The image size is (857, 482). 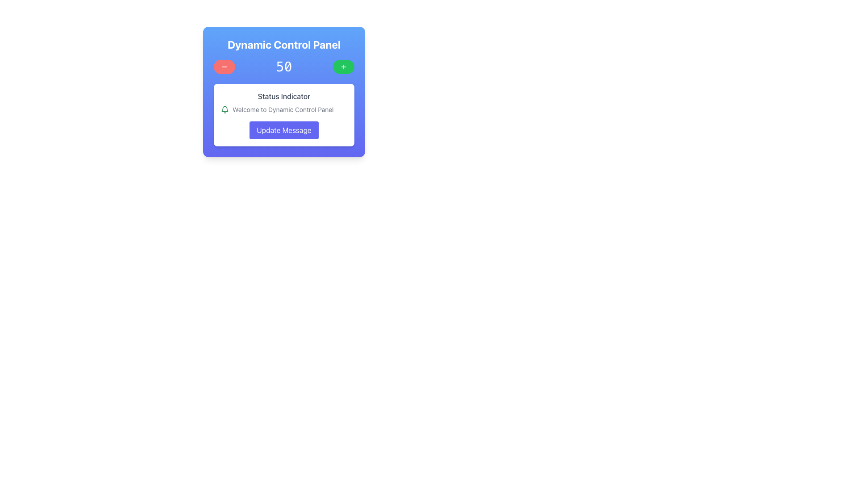 What do you see at coordinates (283, 66) in the screenshot?
I see `the static text display indicating a numeric value or counter located within the 'Dynamic Control Panel', positioned between the decrement and increment buttons` at bounding box center [283, 66].